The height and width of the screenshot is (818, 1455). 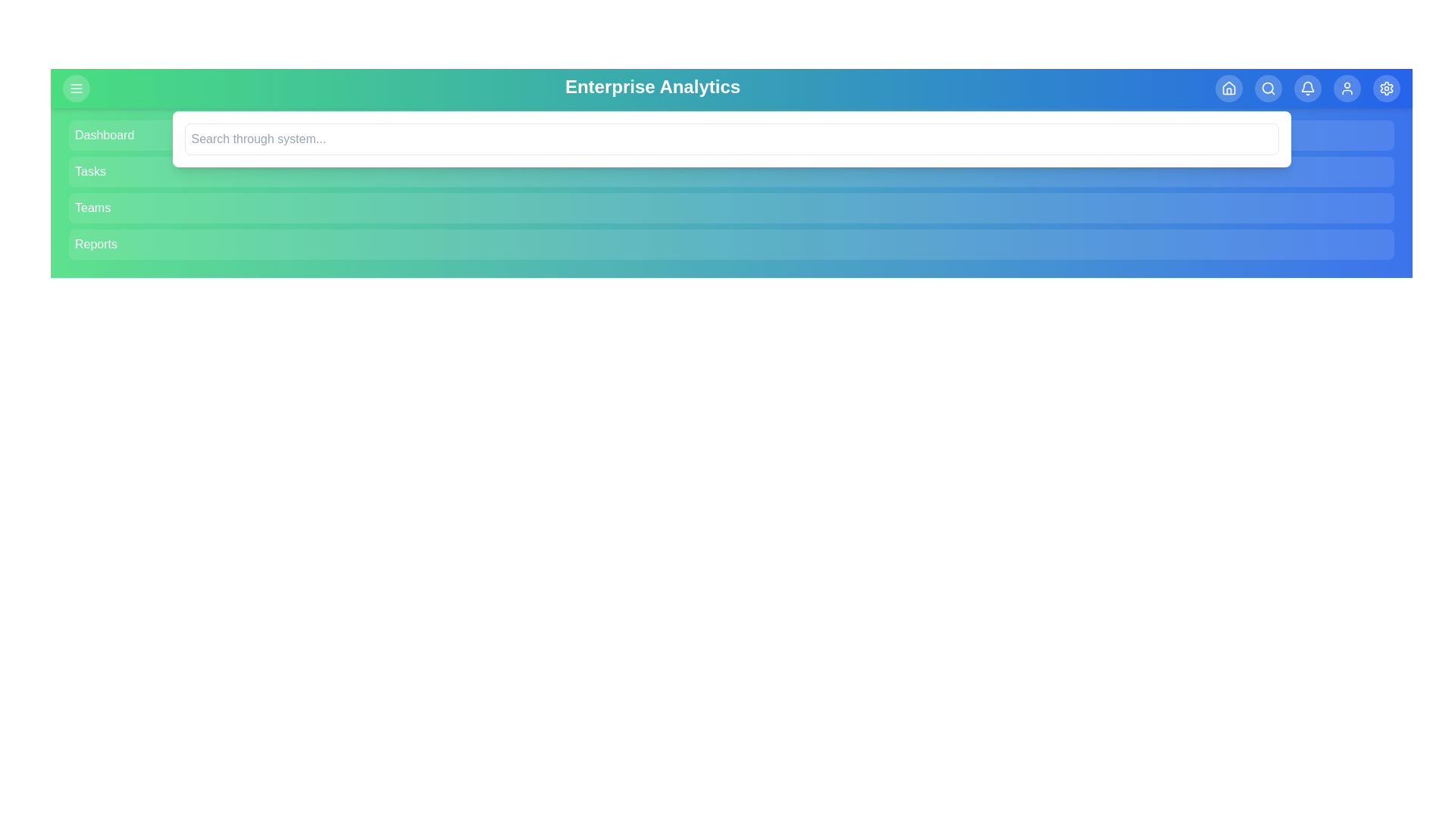 What do you see at coordinates (1269, 88) in the screenshot?
I see `the Search button in the header` at bounding box center [1269, 88].